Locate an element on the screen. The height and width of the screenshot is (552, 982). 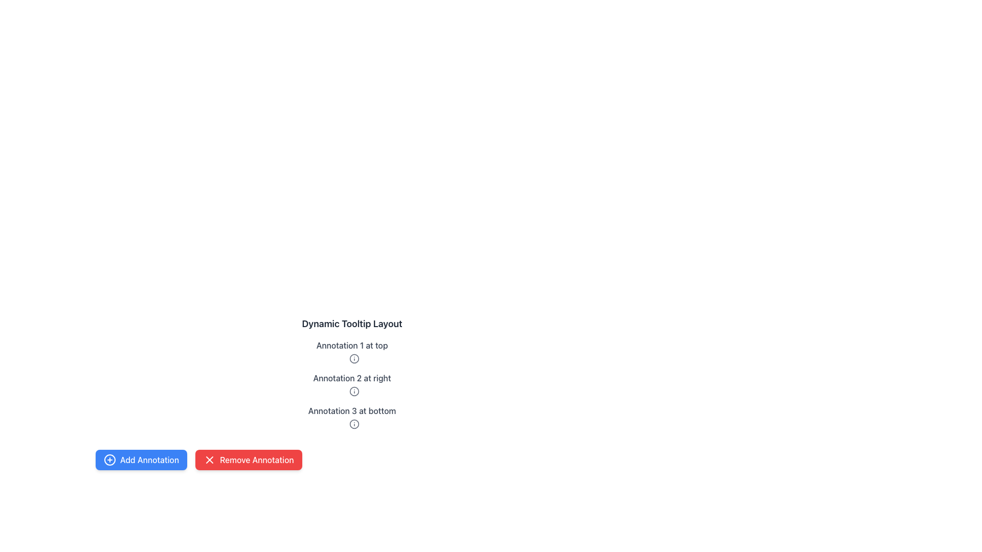
the icon in the first annotation element is located at coordinates (352, 351).